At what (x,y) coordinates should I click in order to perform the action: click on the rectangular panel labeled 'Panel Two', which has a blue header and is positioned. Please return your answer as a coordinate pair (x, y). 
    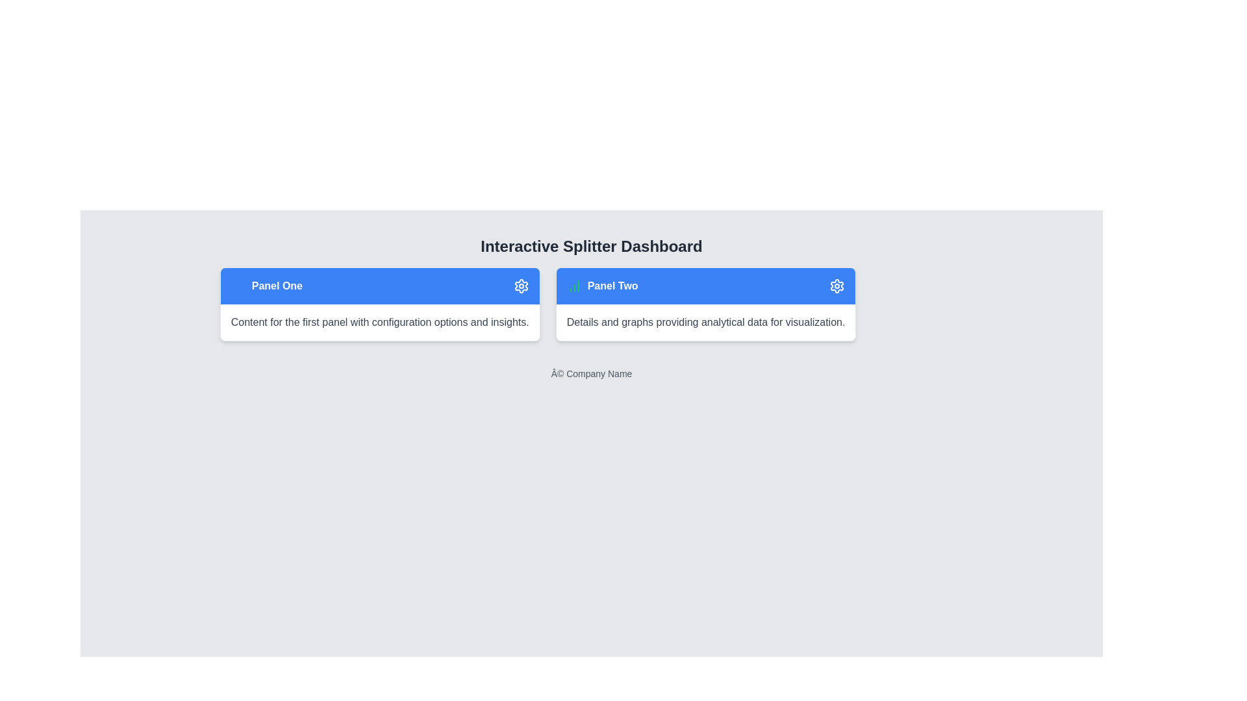
    Looking at the image, I should click on (705, 304).